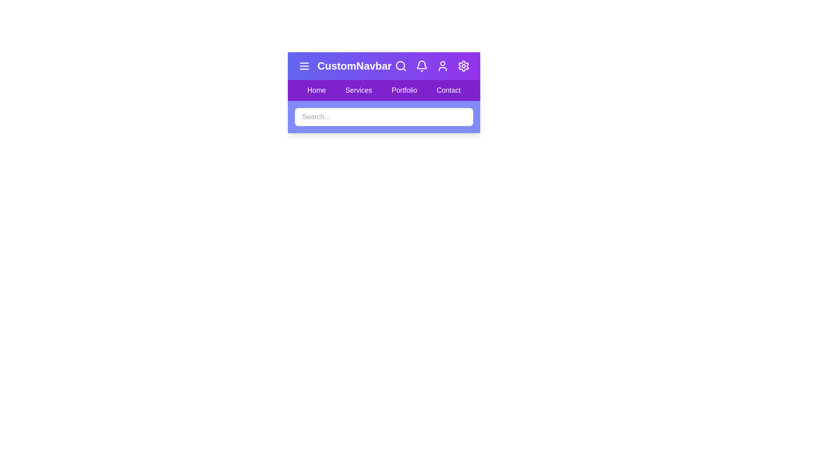 The image size is (836, 470). What do you see at coordinates (384, 117) in the screenshot?
I see `the center of the search input field` at bounding box center [384, 117].